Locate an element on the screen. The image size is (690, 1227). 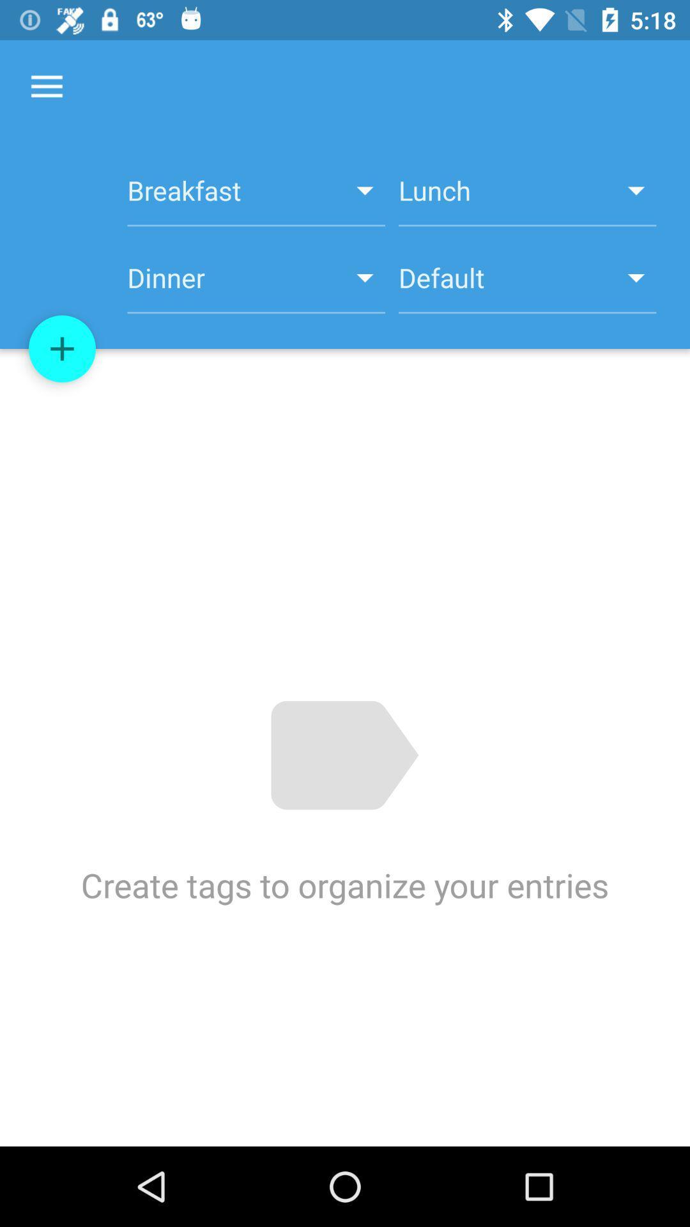
the icon next to lunch is located at coordinates (256, 197).